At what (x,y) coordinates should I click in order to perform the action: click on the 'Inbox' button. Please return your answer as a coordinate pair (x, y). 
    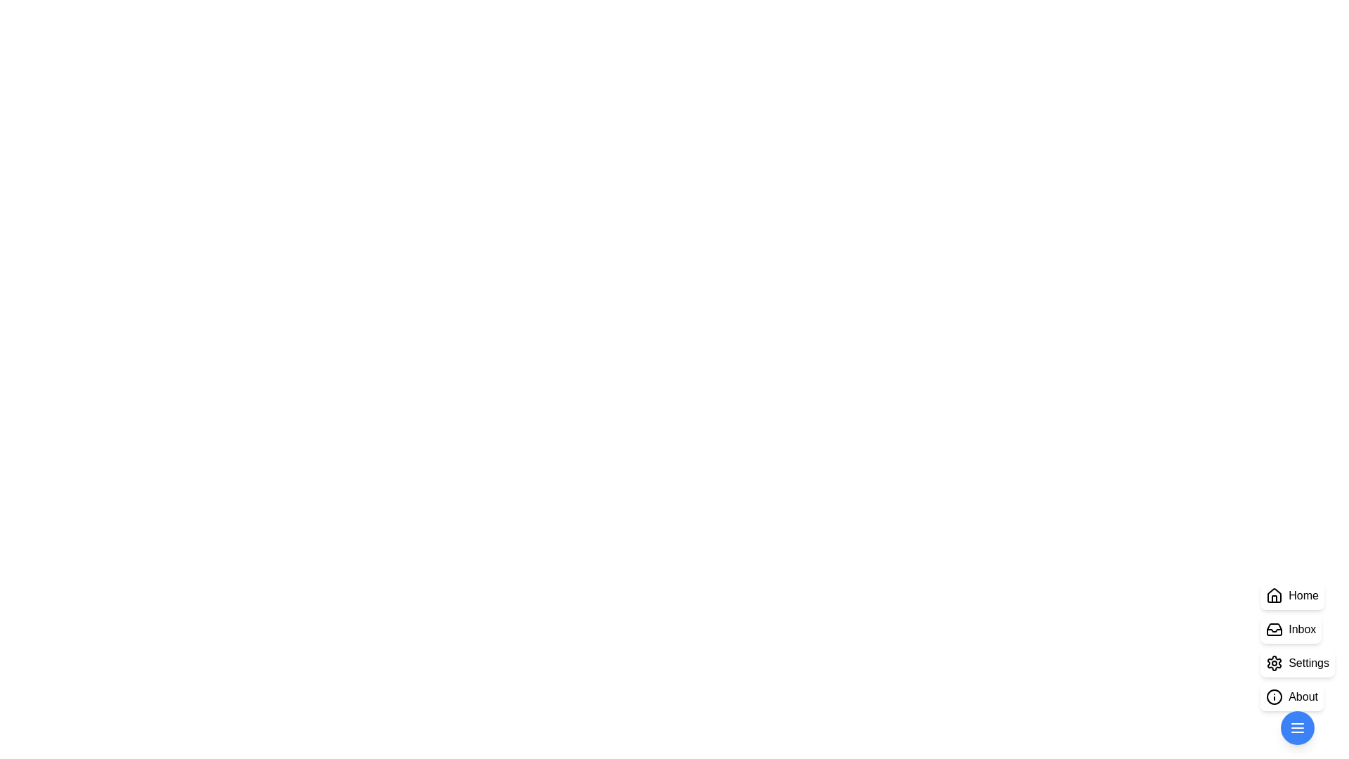
    Looking at the image, I should click on (1291, 628).